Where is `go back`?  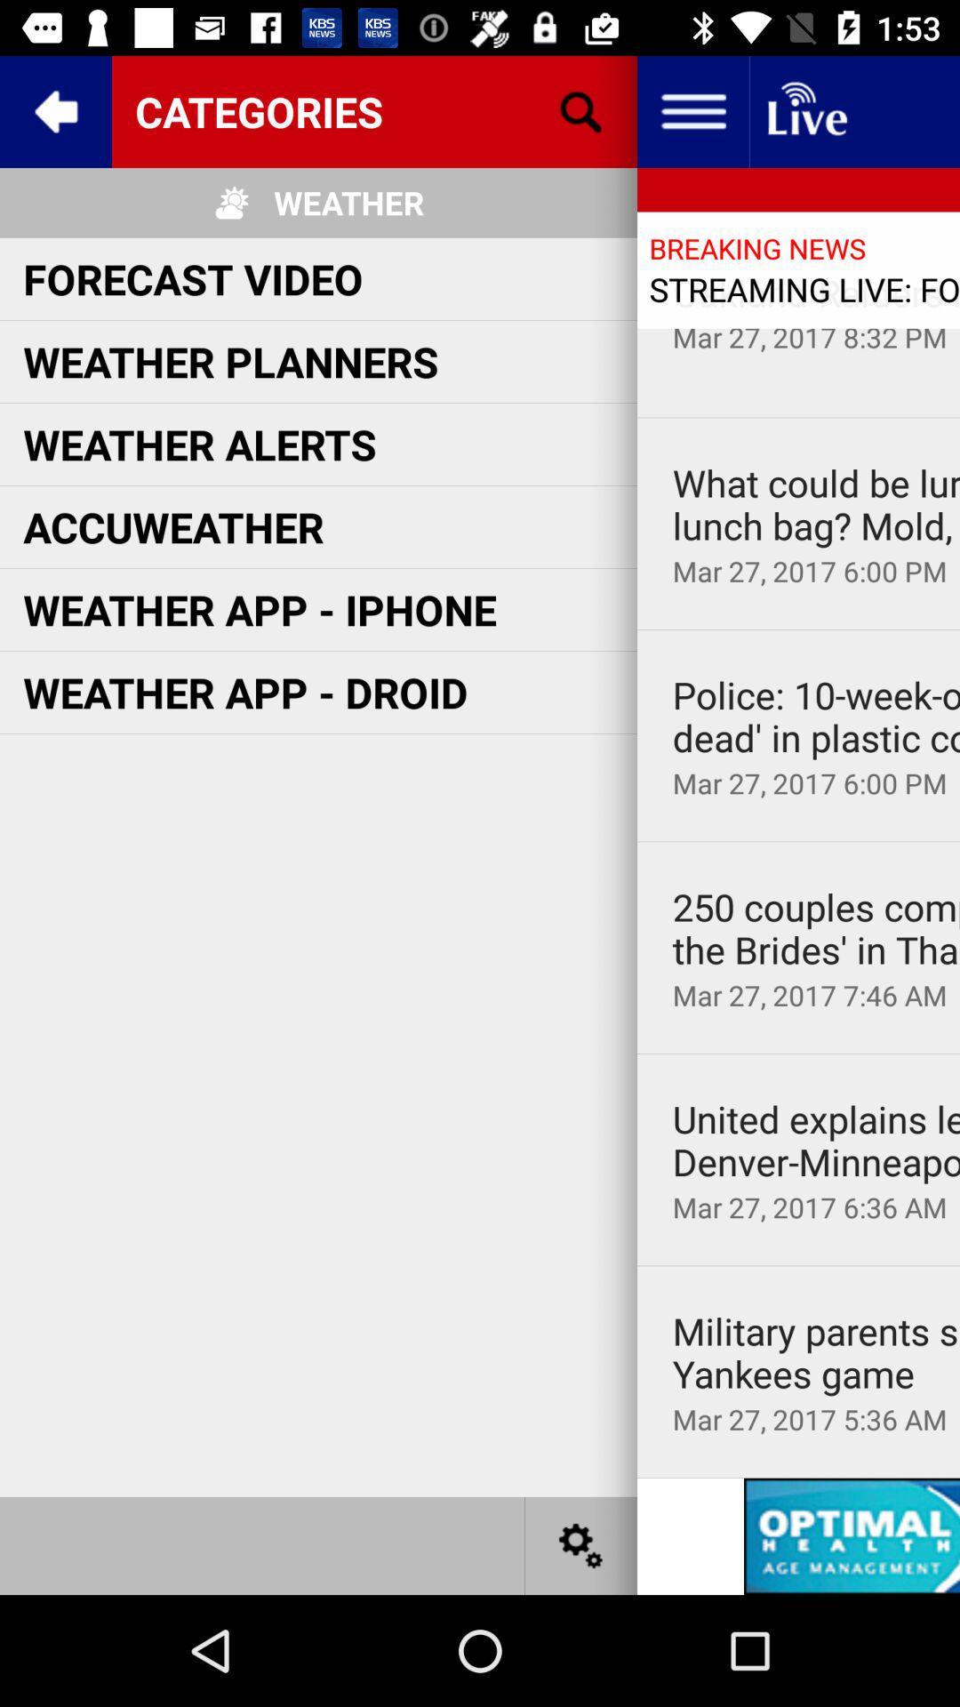
go back is located at coordinates (54, 110).